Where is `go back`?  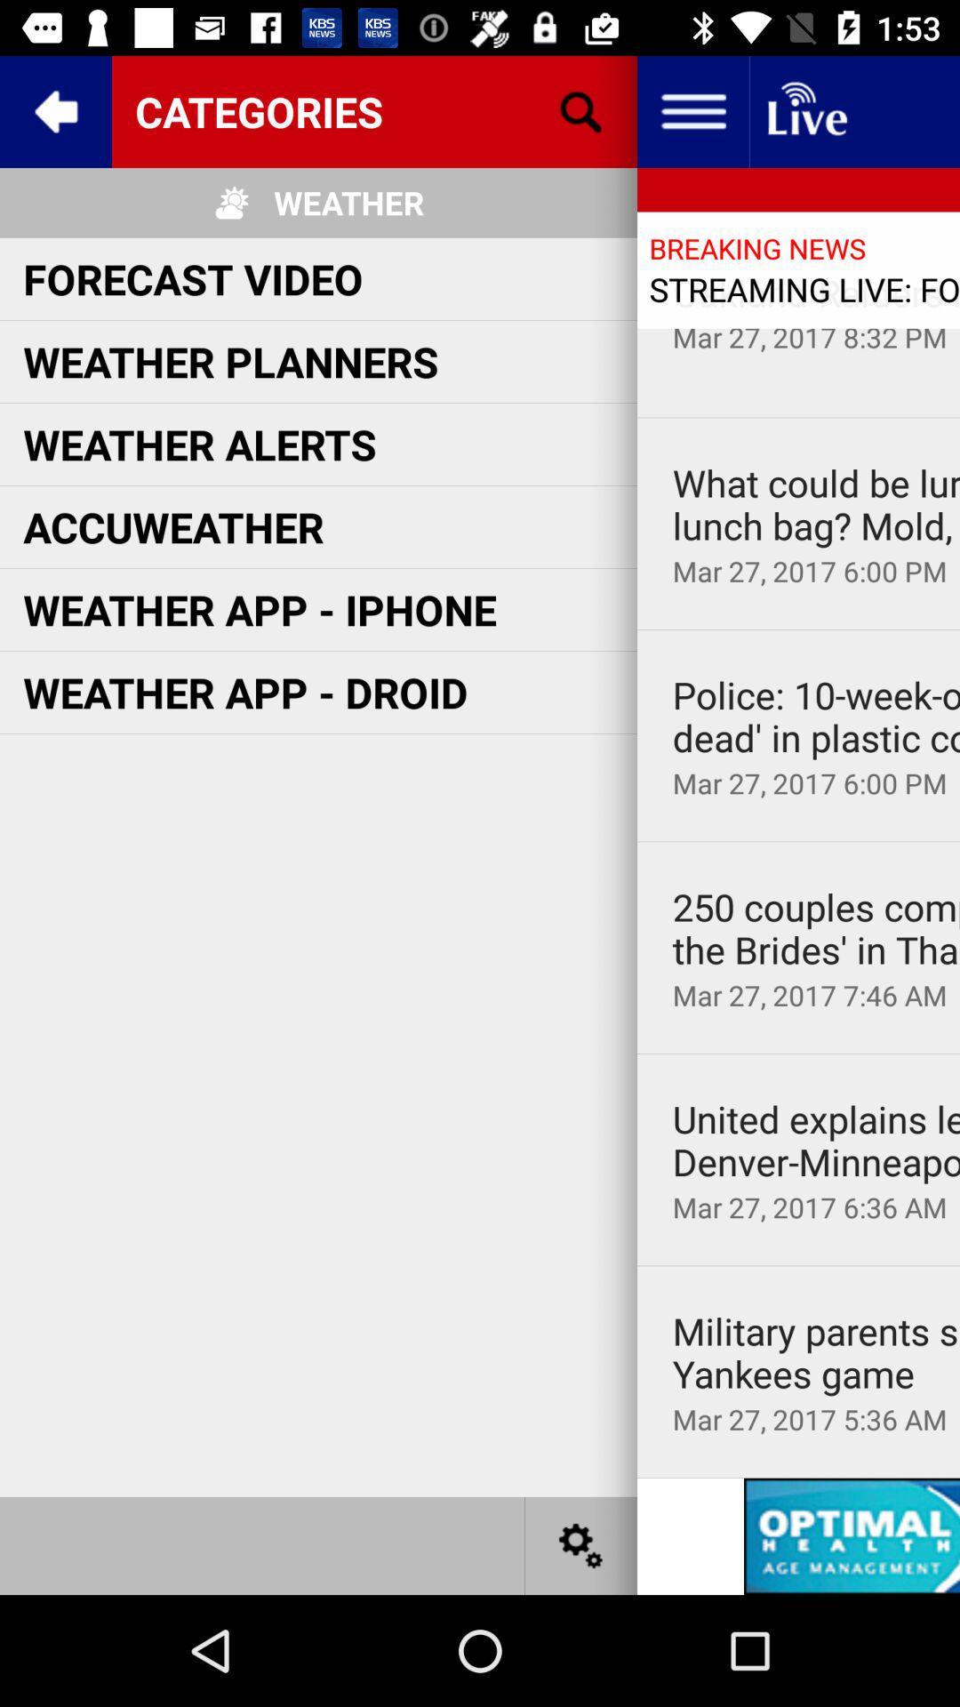
go back is located at coordinates (54, 110).